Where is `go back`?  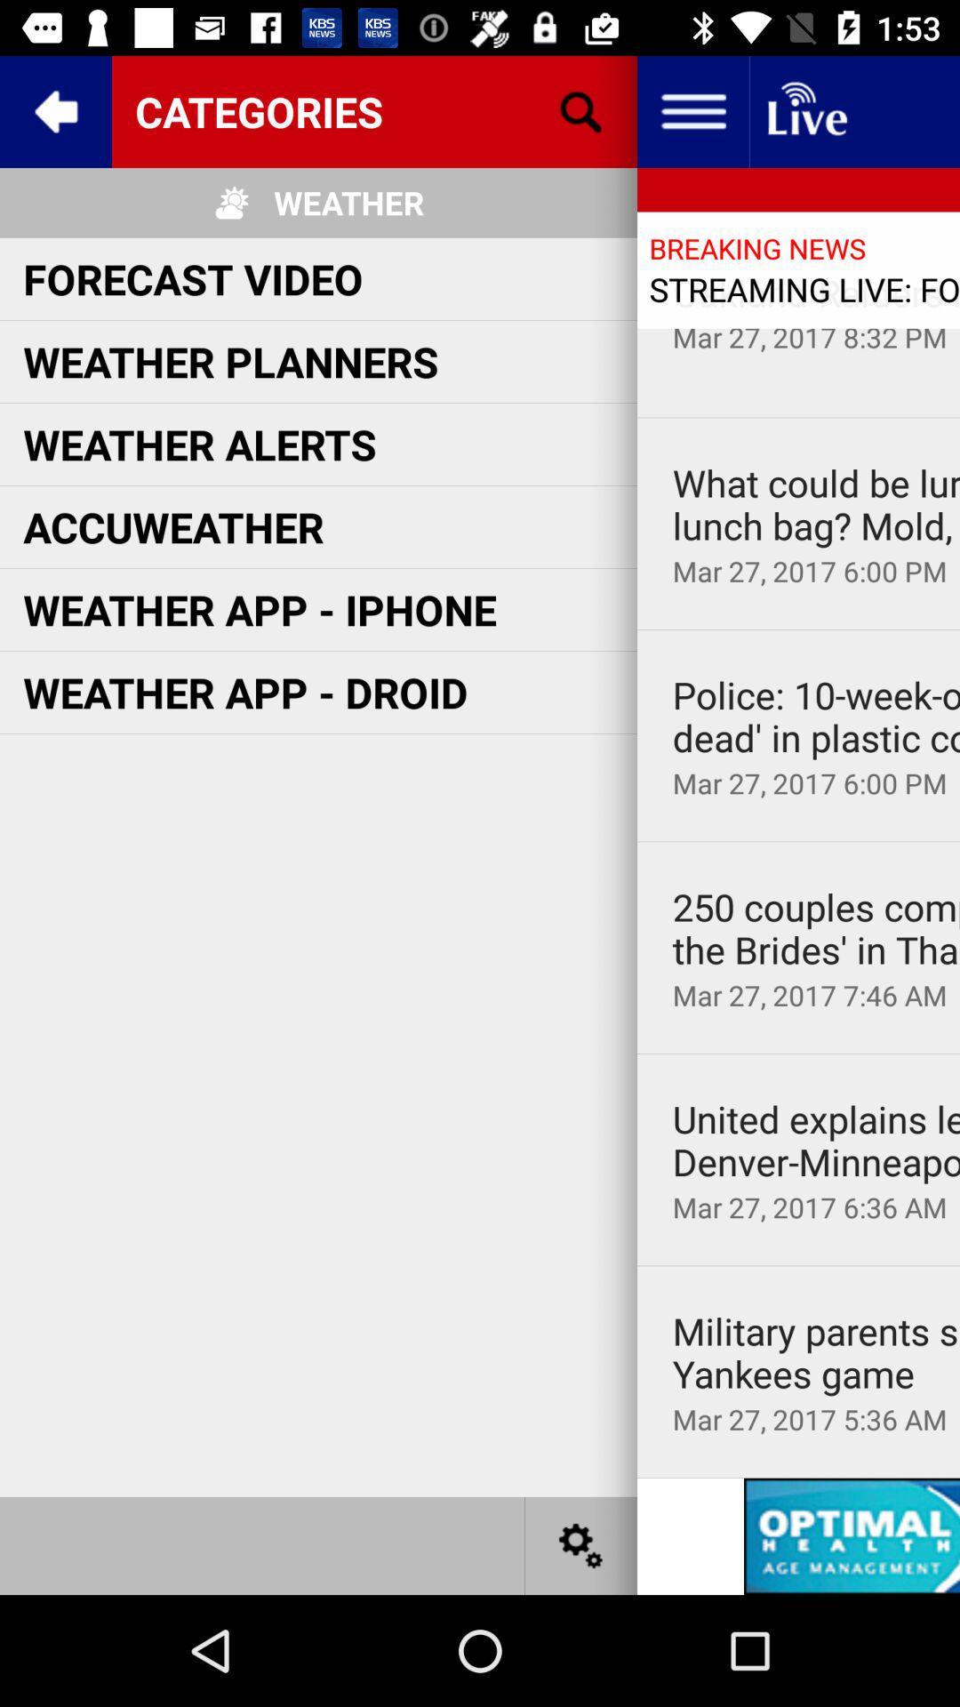
go back is located at coordinates (54, 110).